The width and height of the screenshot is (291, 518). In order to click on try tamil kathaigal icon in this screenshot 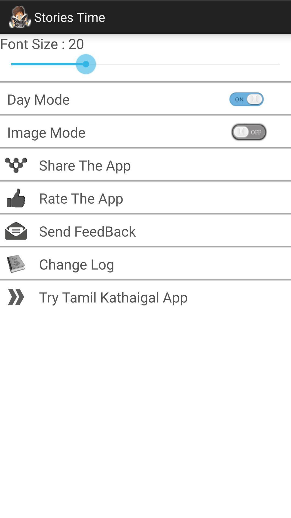, I will do `click(161, 297)`.